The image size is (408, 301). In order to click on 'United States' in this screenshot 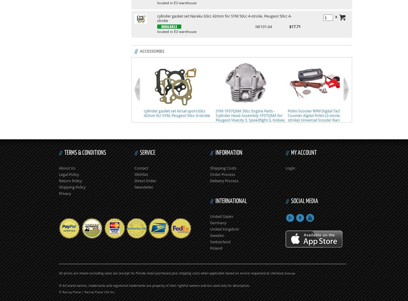, I will do `click(221, 216)`.